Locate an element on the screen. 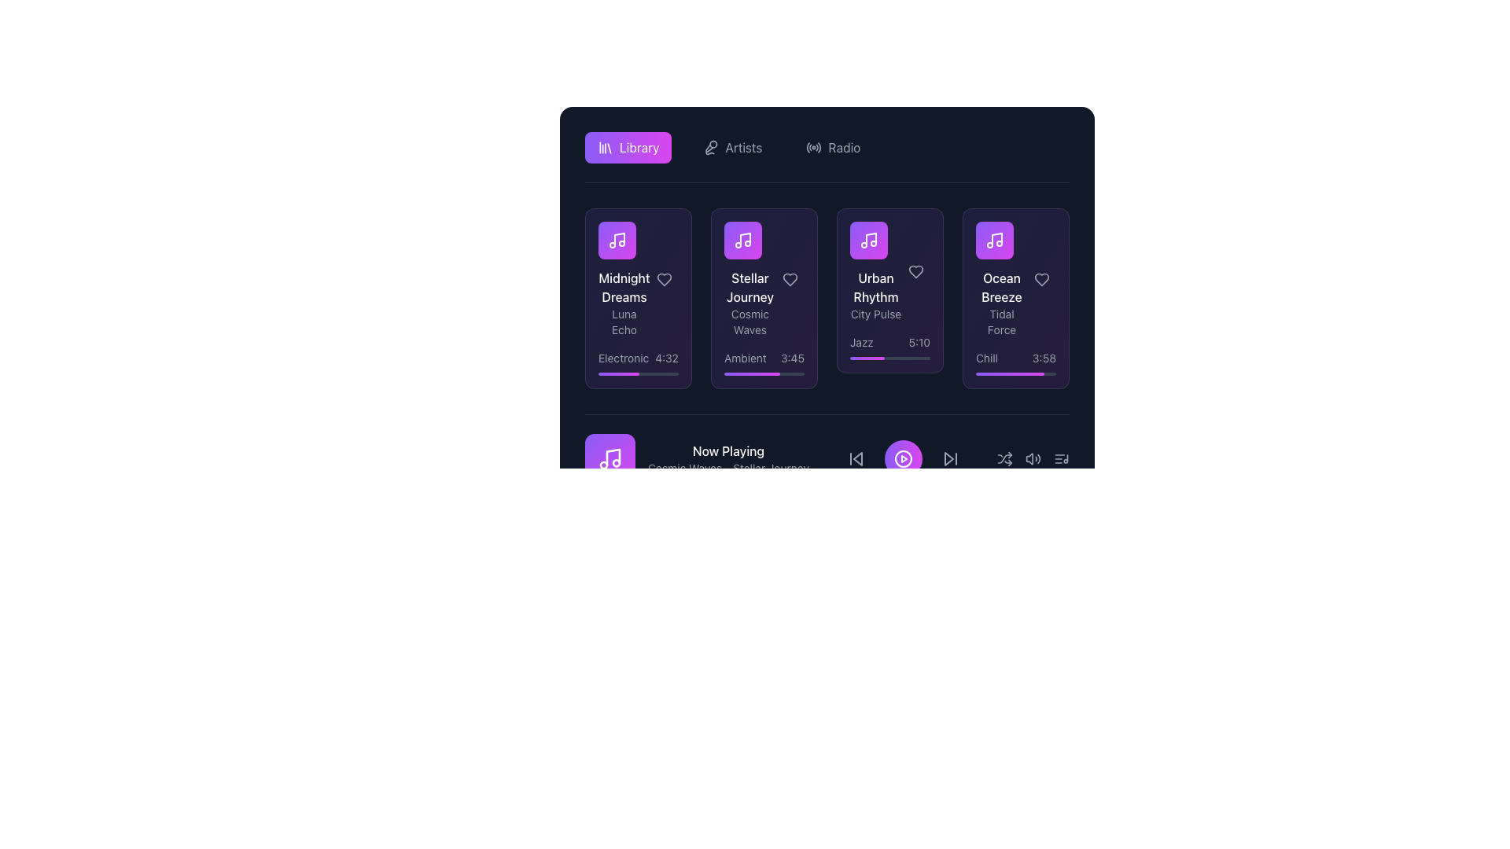 The width and height of the screenshot is (1510, 849). the text label indicating the currently playing track, which is centrally positioned in the lower section of the interface is located at coordinates (727, 451).